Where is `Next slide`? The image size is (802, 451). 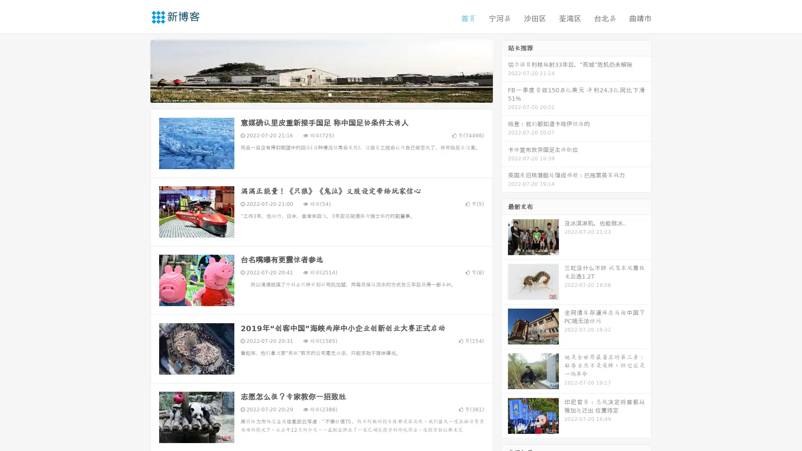
Next slide is located at coordinates (505, 70).